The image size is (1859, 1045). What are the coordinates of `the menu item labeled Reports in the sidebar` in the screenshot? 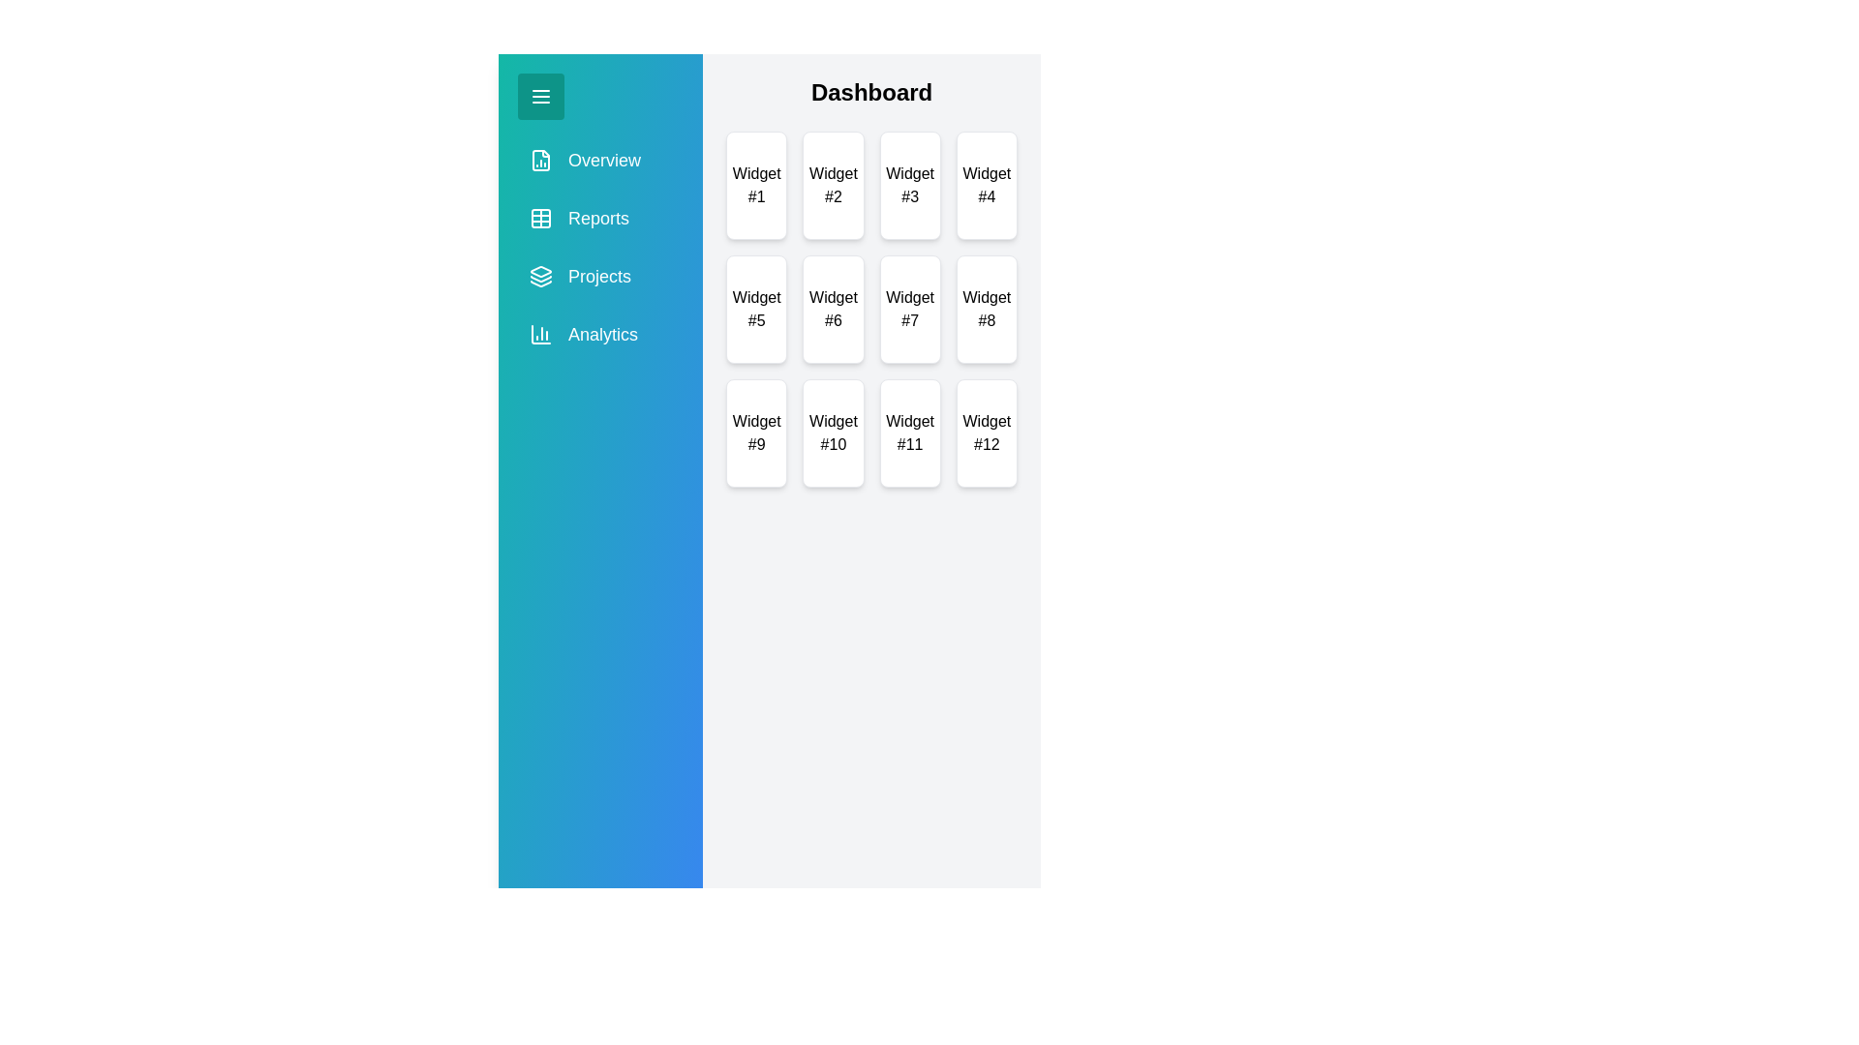 It's located at (598, 218).